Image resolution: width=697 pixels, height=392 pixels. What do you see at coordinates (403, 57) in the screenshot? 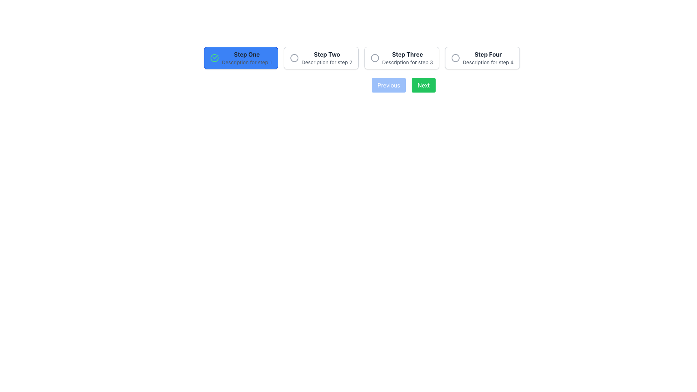
I see `the third step of the multi-step process indicator, which is located near the top center of the interface` at bounding box center [403, 57].